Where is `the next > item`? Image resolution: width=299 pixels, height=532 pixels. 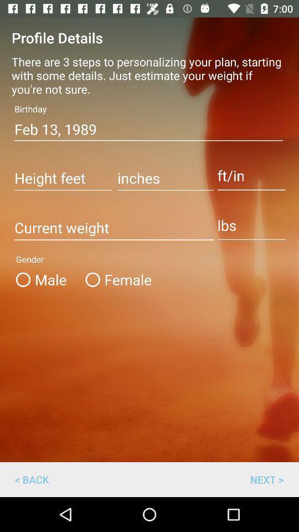
the next > item is located at coordinates (266, 479).